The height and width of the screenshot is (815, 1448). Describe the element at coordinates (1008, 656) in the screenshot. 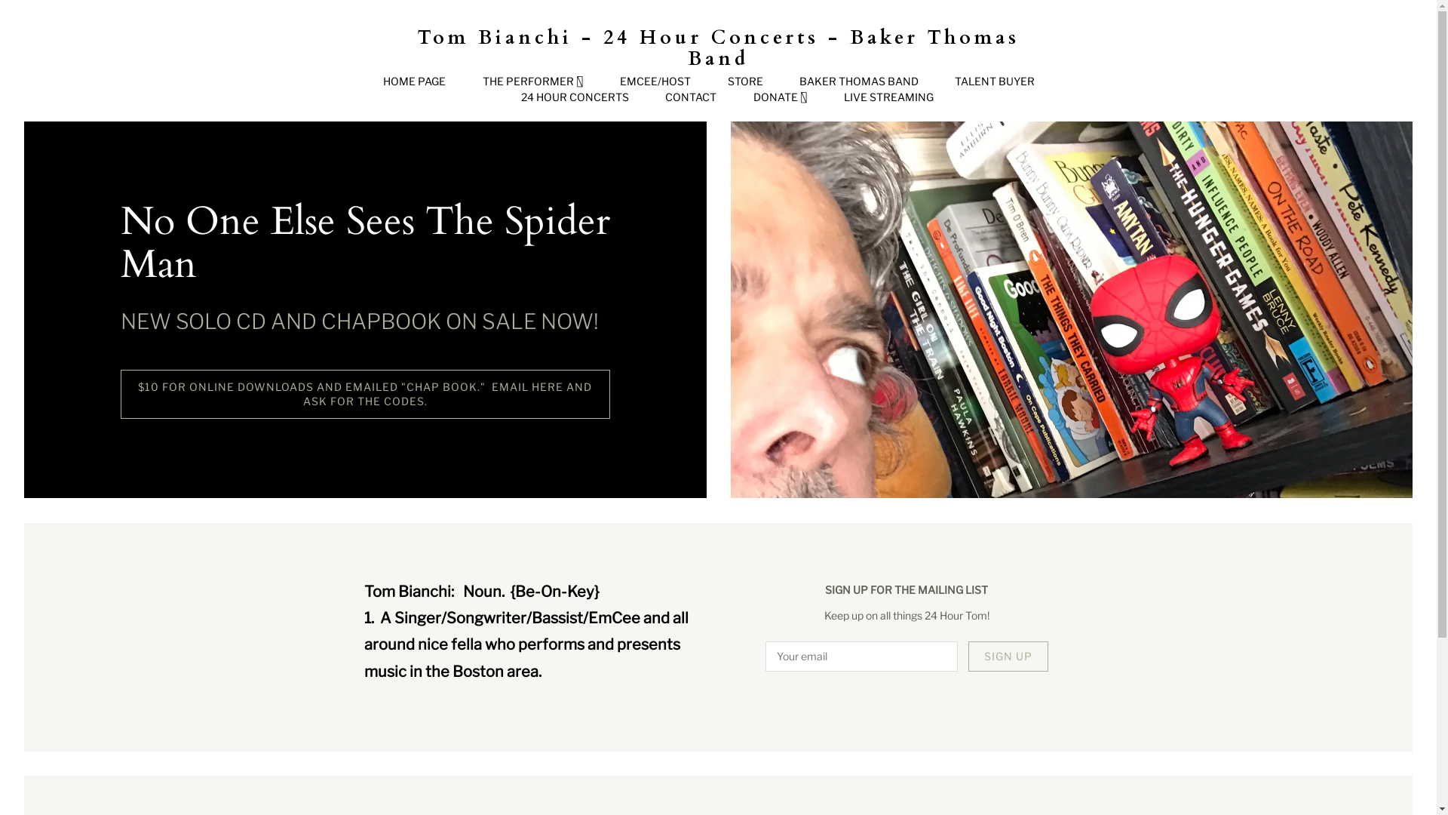

I see `'SIGN UP'` at that location.